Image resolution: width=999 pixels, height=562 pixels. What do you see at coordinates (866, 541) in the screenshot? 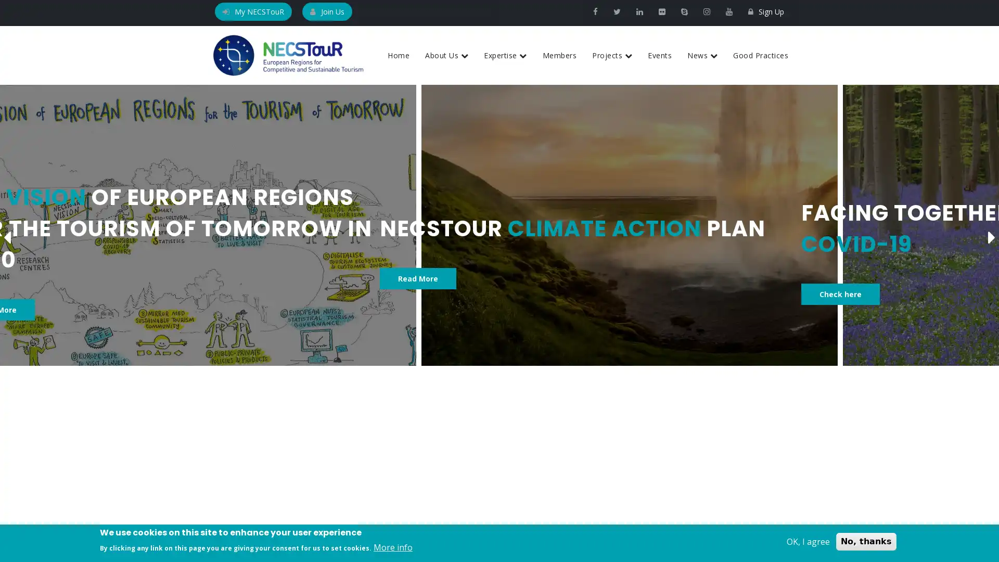
I see `No, thanks` at bounding box center [866, 541].